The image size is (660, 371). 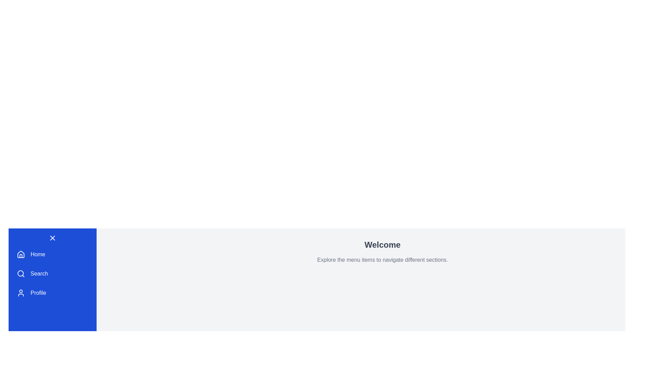 I want to click on the menu item Home from the DashboardMenu, so click(x=52, y=254).